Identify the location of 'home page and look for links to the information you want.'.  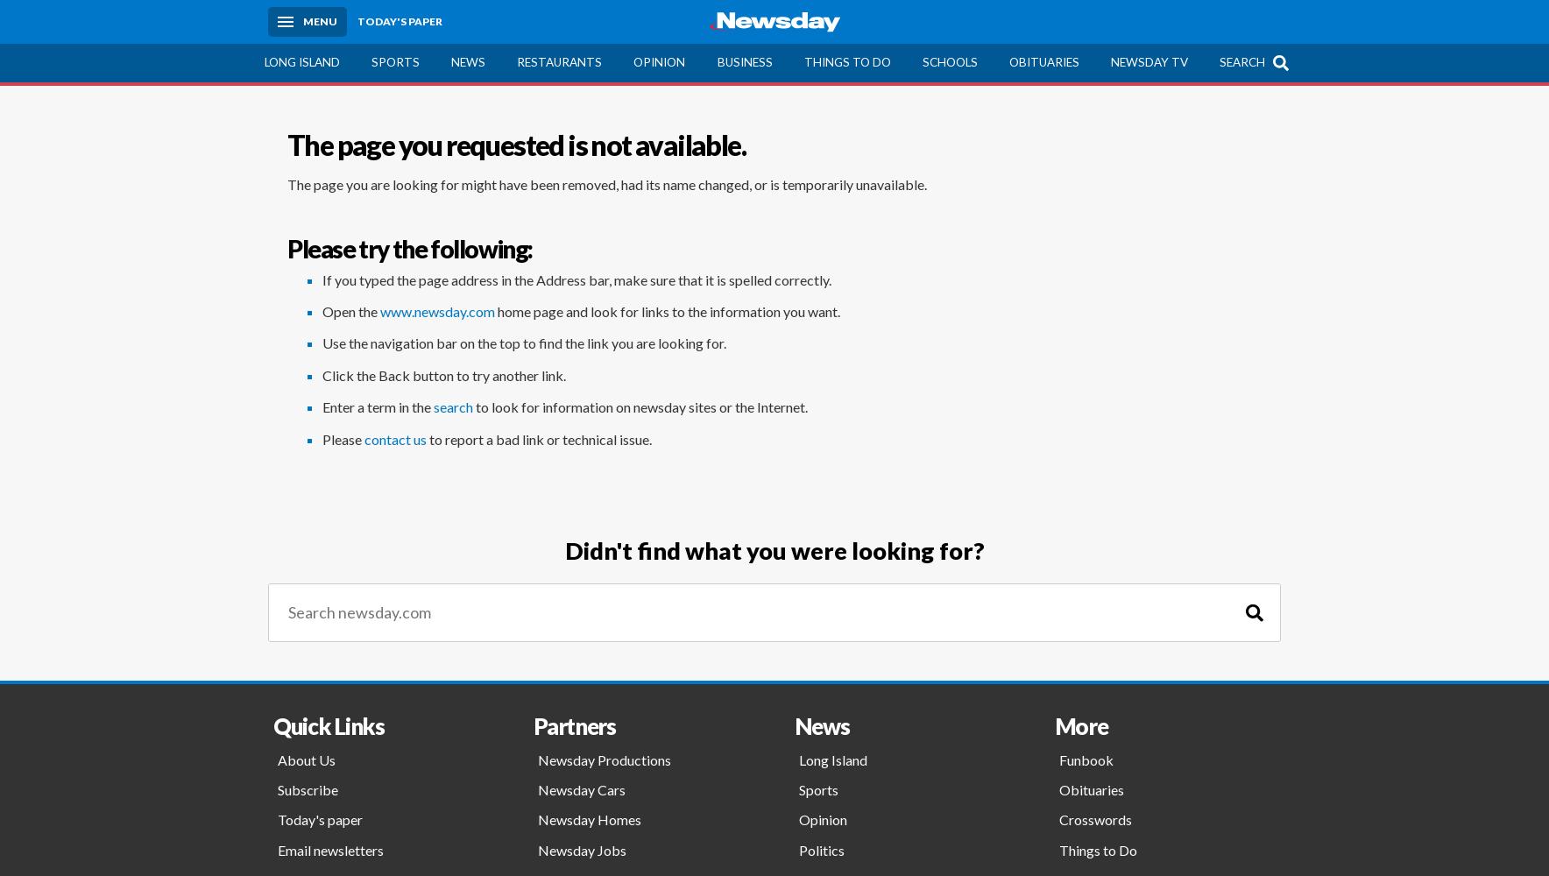
(668, 309).